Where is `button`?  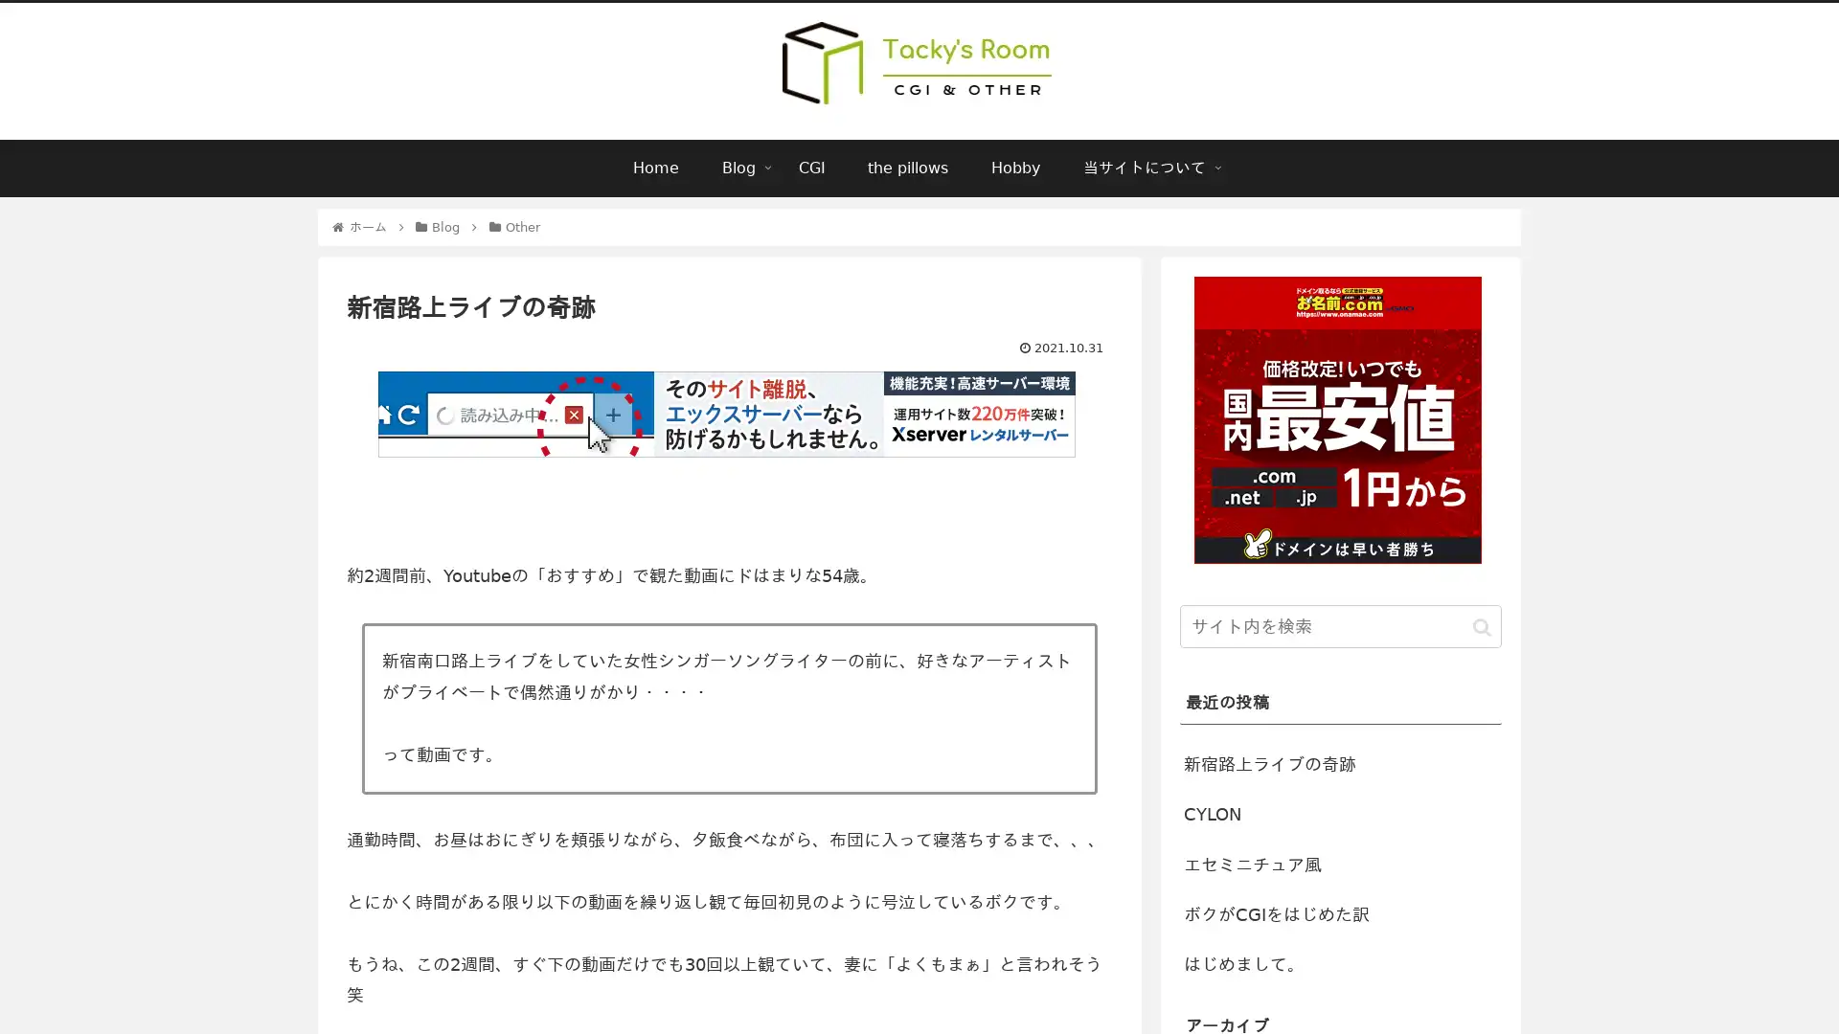
button is located at coordinates (1481, 626).